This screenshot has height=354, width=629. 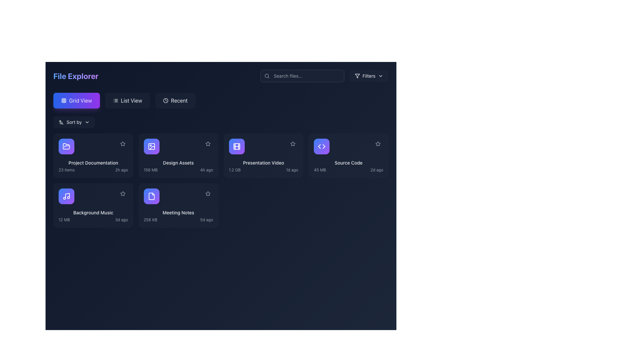 What do you see at coordinates (236, 146) in the screenshot?
I see `the film icon representing the 'Presentation Video' file in the file explorer interface` at bounding box center [236, 146].